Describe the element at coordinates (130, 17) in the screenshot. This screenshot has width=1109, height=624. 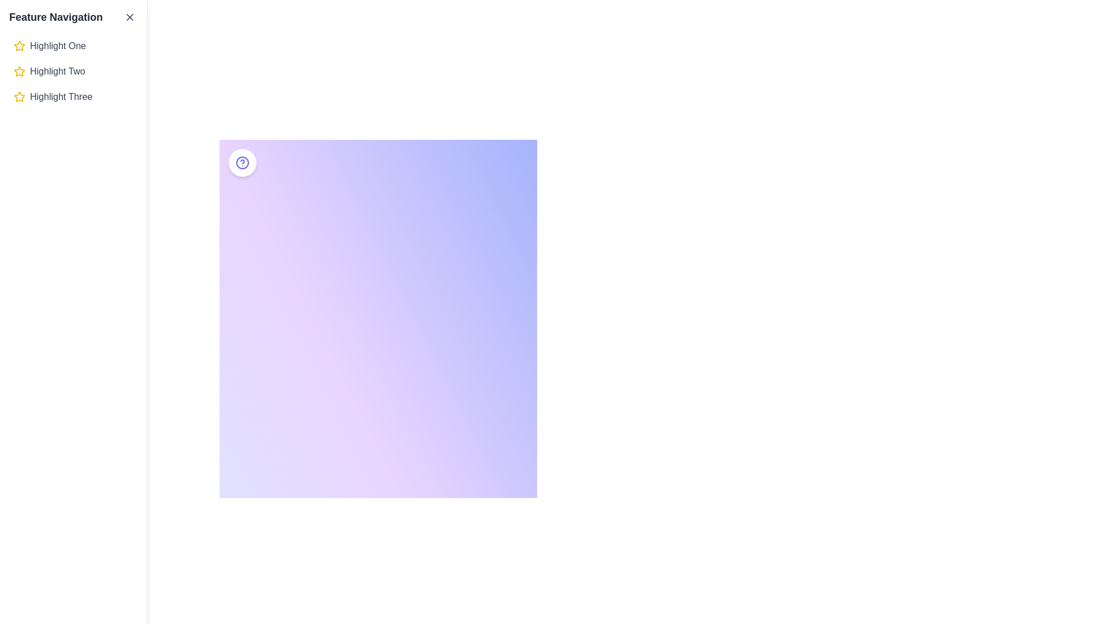
I see `the small, rounded rectangular button with an 'X' icon in the middle` at that location.